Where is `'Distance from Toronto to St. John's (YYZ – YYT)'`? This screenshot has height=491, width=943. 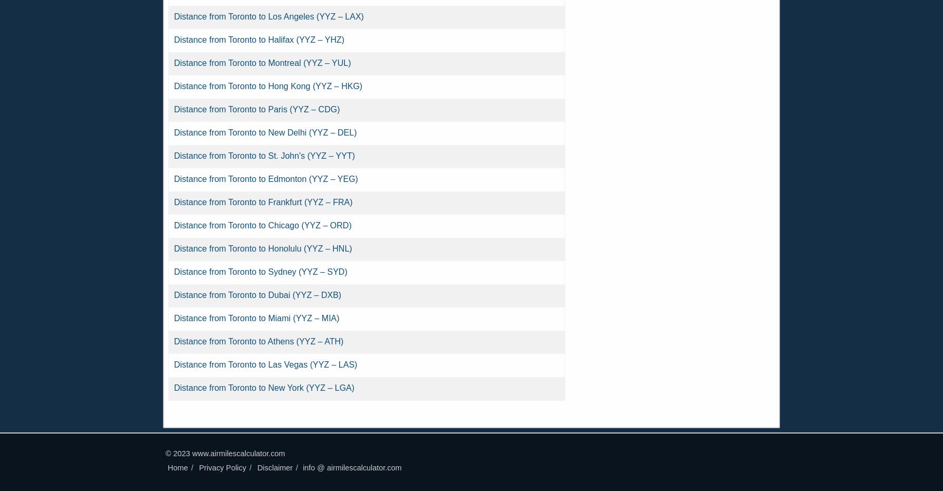
'Distance from Toronto to St. John's (YYZ – YYT)' is located at coordinates (264, 155).